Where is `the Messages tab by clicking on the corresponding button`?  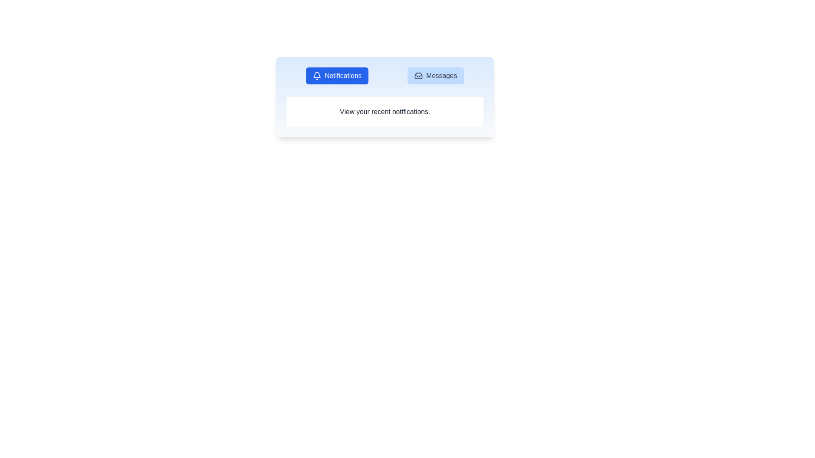
the Messages tab by clicking on the corresponding button is located at coordinates (436, 75).